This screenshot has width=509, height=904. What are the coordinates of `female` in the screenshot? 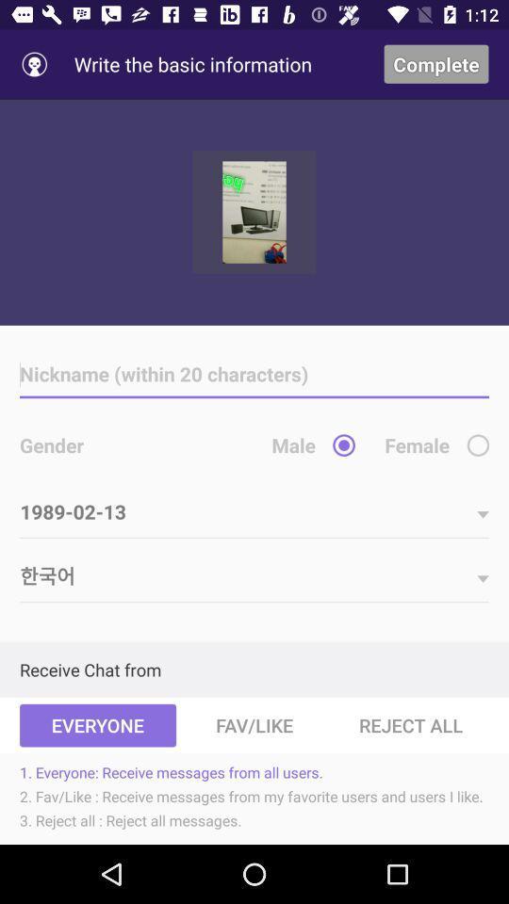 It's located at (478, 445).